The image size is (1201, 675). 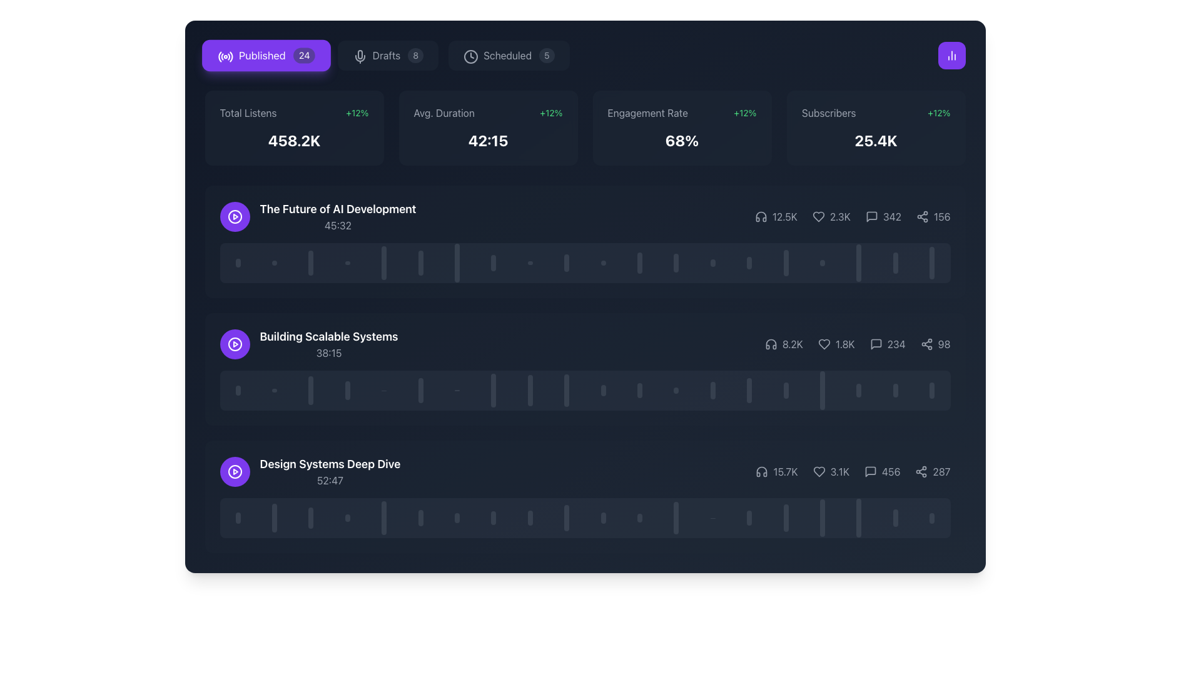 I want to click on the gray, semi-transparent vertical Indicator bar located towards the far right among a set of similar vertical bars in the second row of the main content area, so click(x=932, y=389).